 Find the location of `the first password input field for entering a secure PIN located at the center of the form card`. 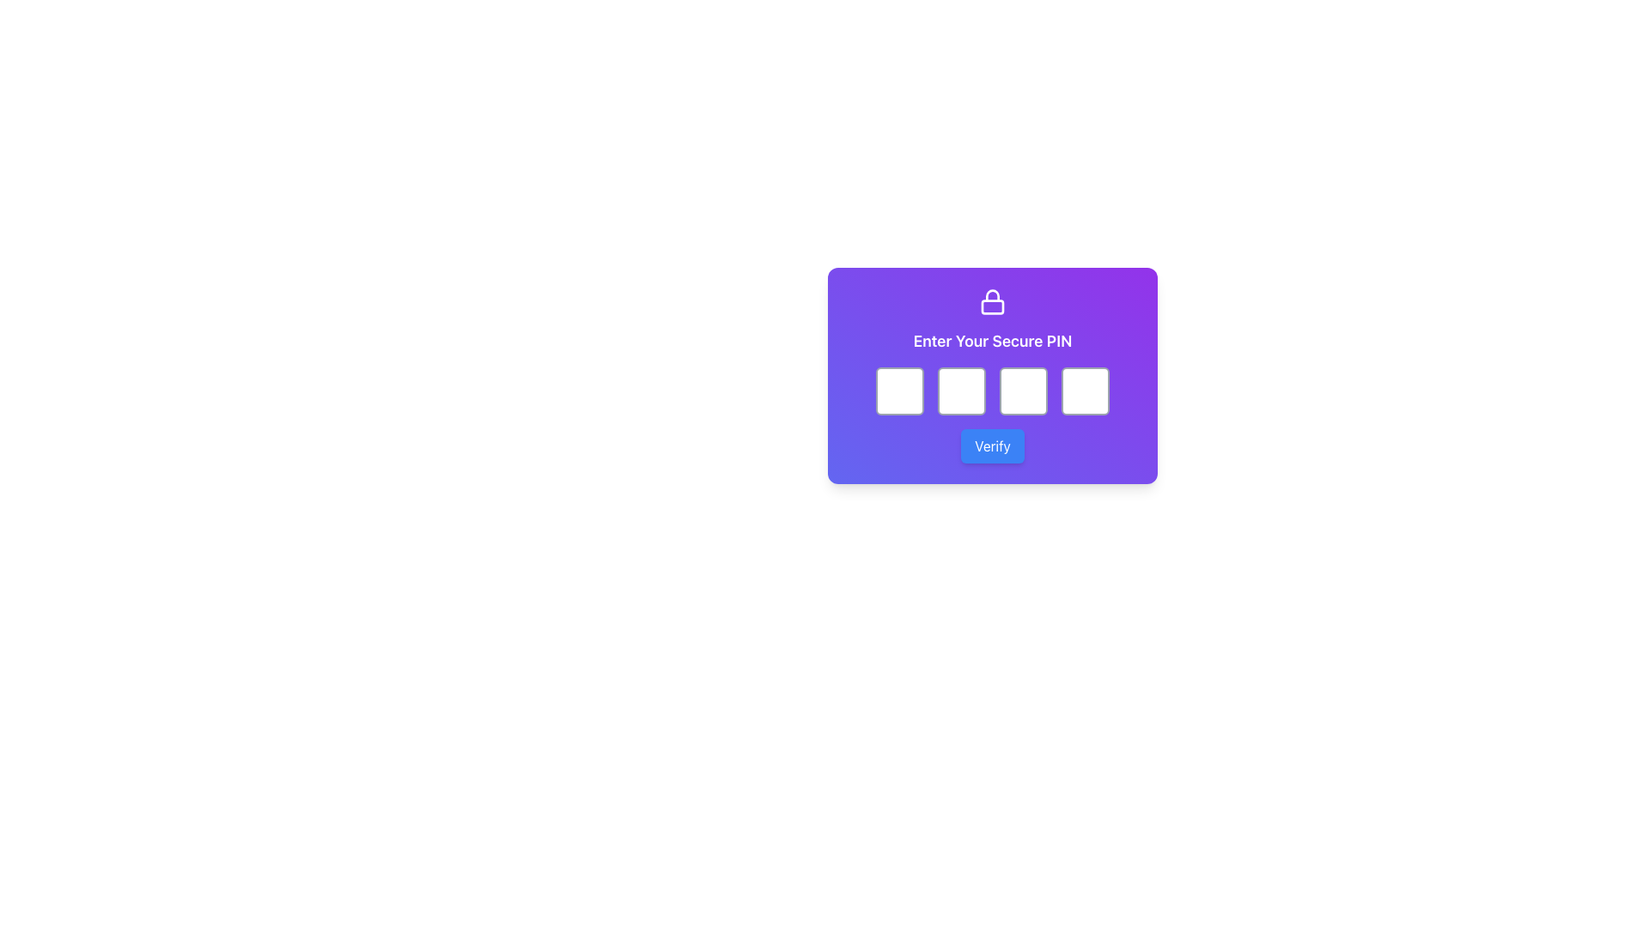

the first password input field for entering a secure PIN located at the center of the form card is located at coordinates (898, 391).